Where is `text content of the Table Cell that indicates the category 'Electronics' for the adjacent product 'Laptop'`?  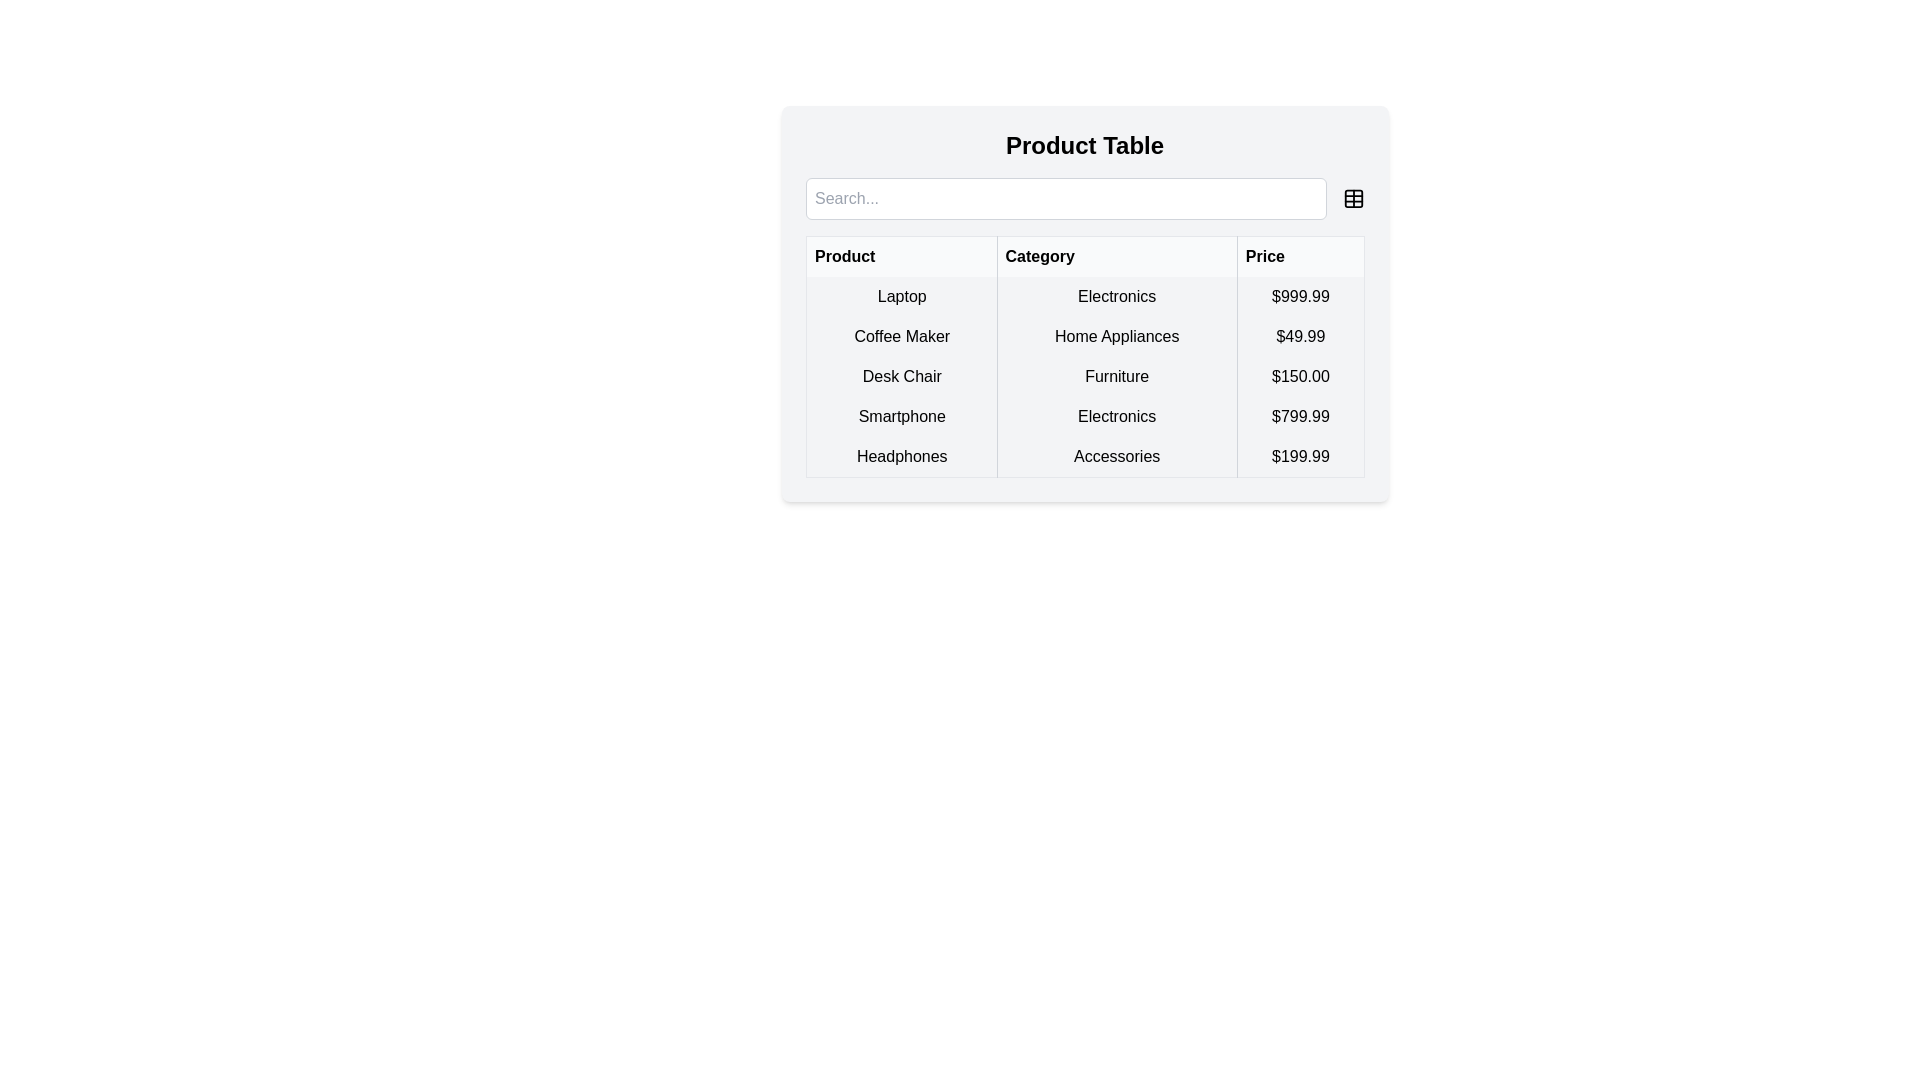
text content of the Table Cell that indicates the category 'Electronics' for the adjacent product 'Laptop' is located at coordinates (1116, 297).